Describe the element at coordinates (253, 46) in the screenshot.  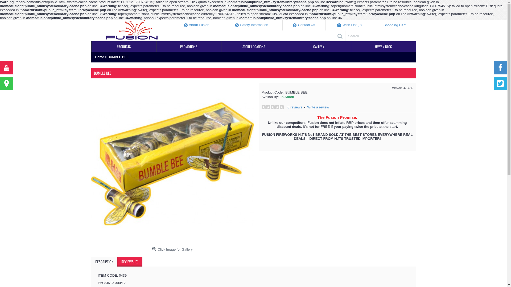
I see `'STORE LOCATIONS'` at that location.